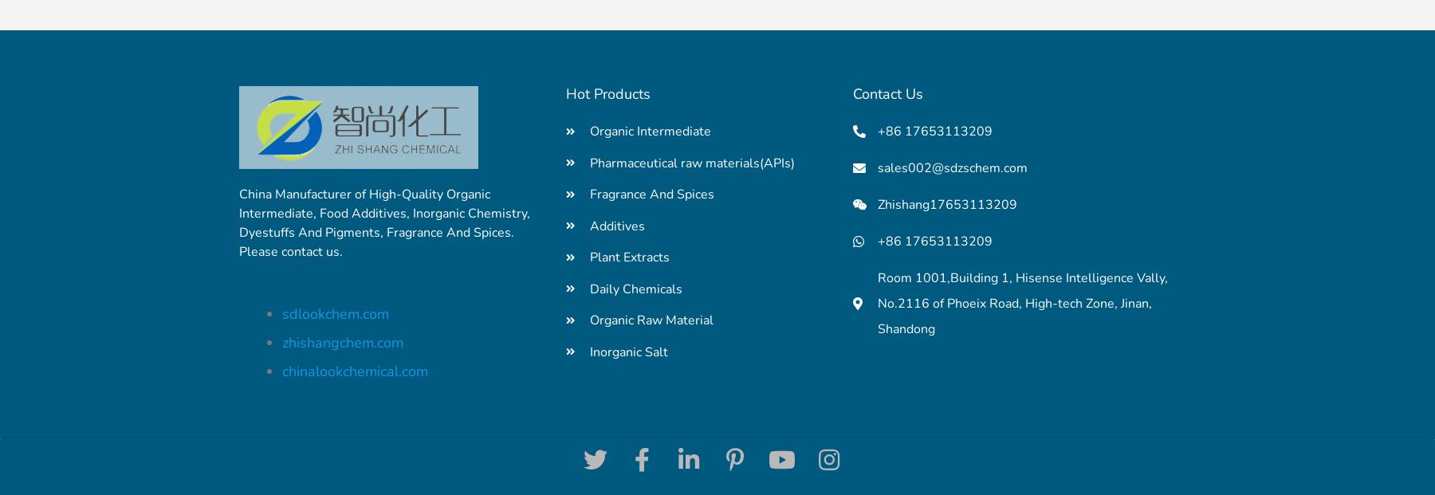 This screenshot has width=1435, height=495. What do you see at coordinates (887, 92) in the screenshot?
I see `'Contact Us'` at bounding box center [887, 92].